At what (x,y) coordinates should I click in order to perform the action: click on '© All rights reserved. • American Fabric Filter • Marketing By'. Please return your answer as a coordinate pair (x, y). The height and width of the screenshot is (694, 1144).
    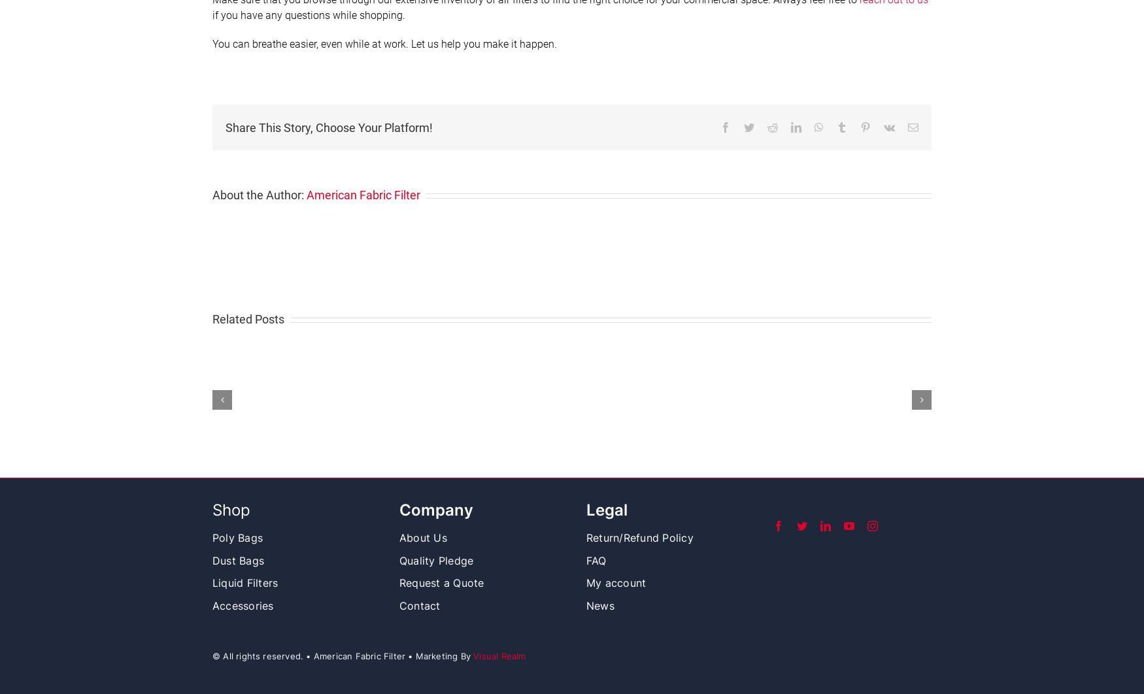
    Looking at the image, I should click on (341, 655).